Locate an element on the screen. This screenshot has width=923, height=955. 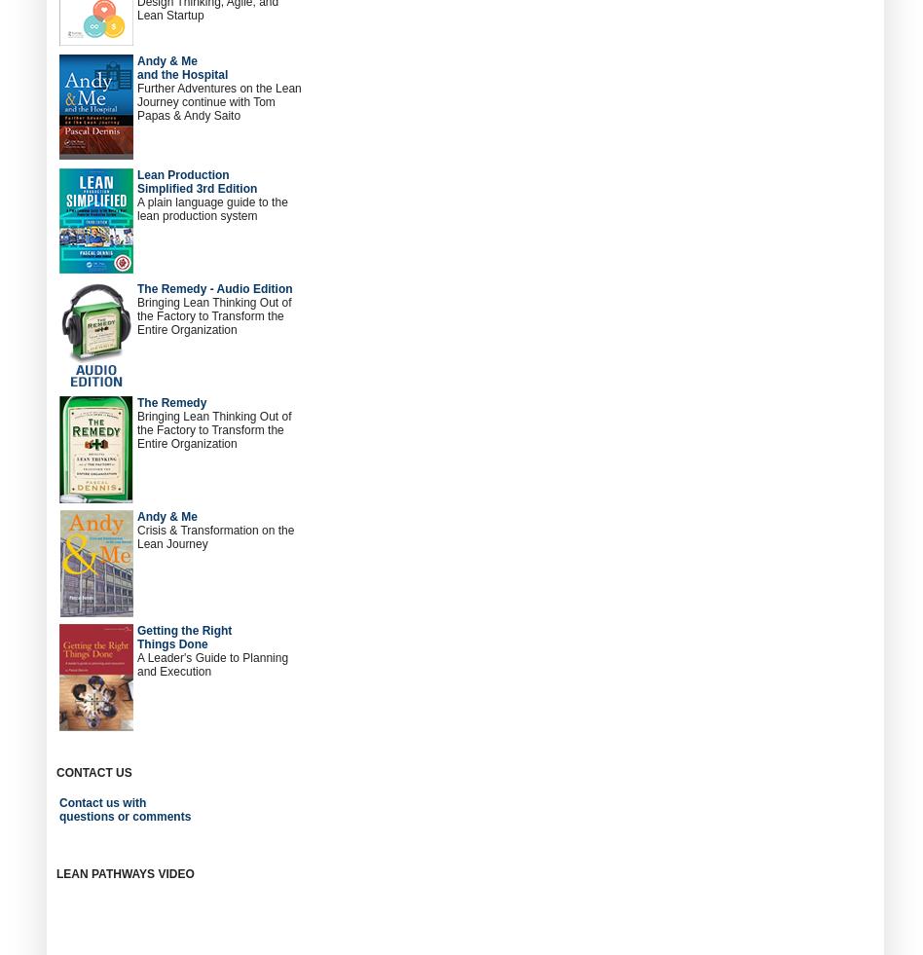
'The Remedy - Audio Edition' is located at coordinates (213, 288).